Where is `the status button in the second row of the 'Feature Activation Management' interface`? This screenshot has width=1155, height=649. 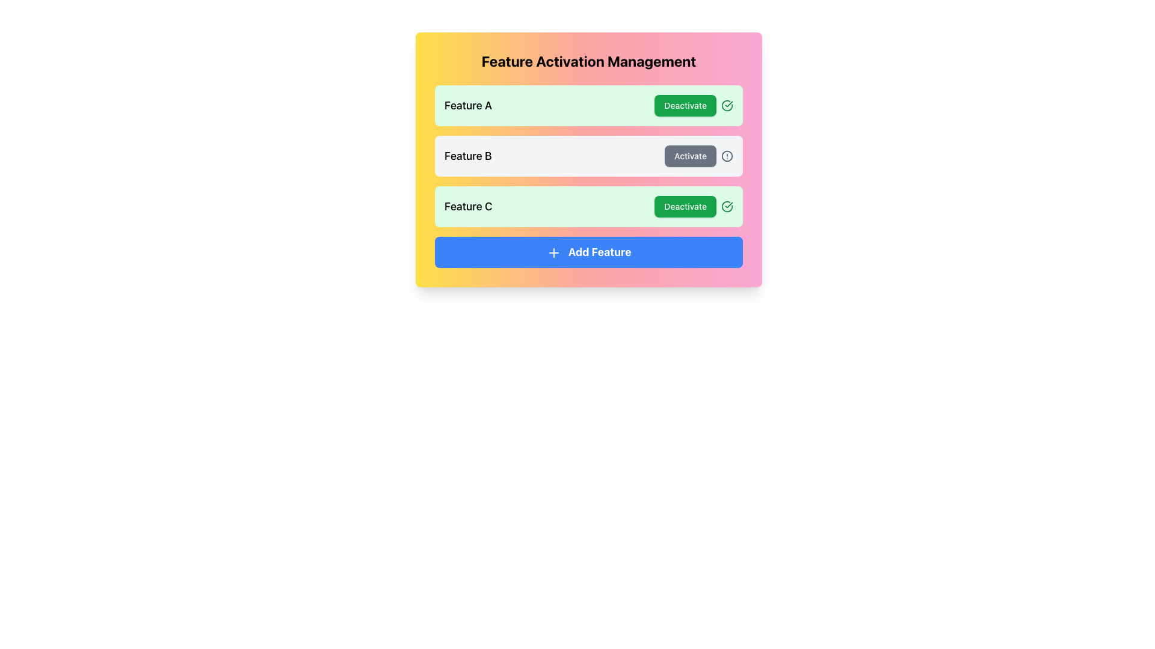
the status button in the second row of the 'Feature Activation Management' interface is located at coordinates (589, 155).